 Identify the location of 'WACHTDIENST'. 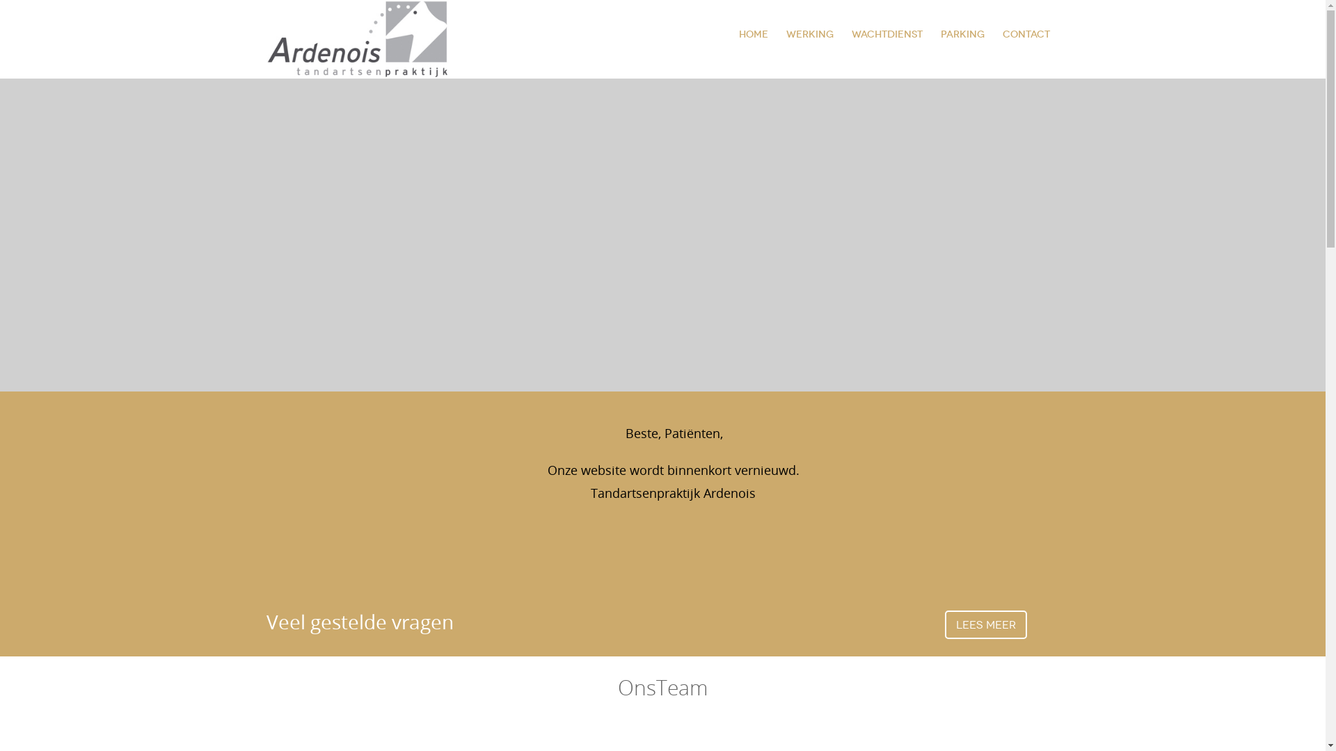
(885, 34).